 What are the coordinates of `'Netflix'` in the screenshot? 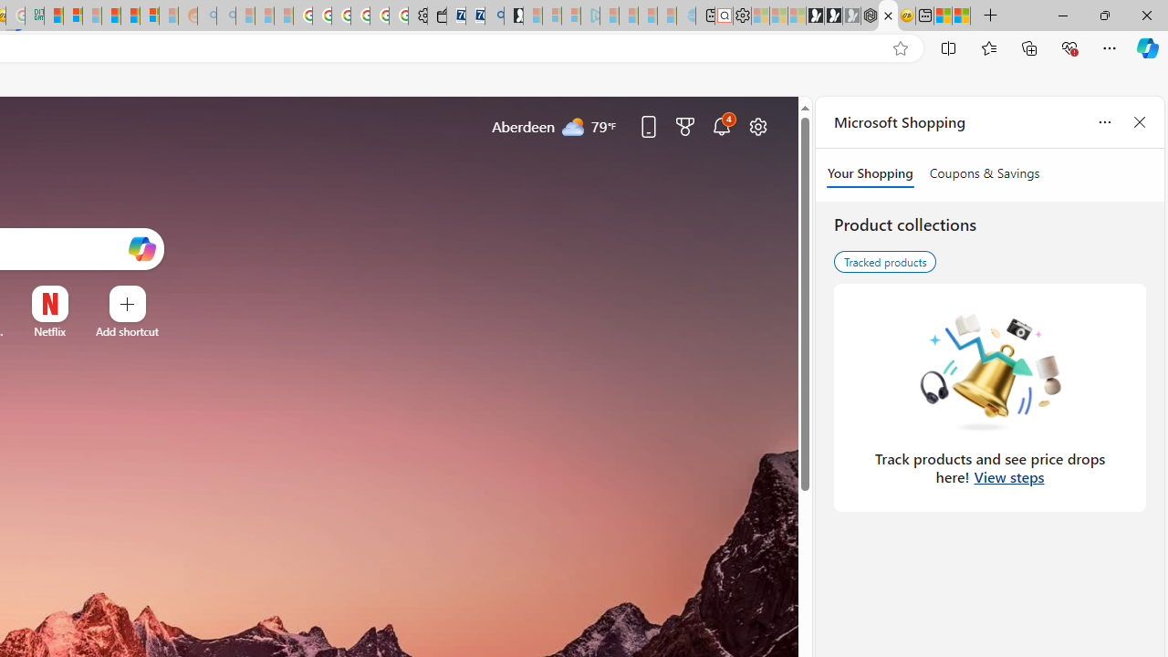 It's located at (49, 331).